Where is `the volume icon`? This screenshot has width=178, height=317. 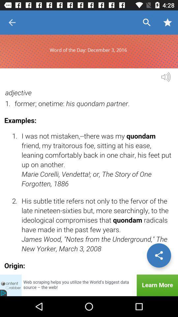 the volume icon is located at coordinates (165, 77).